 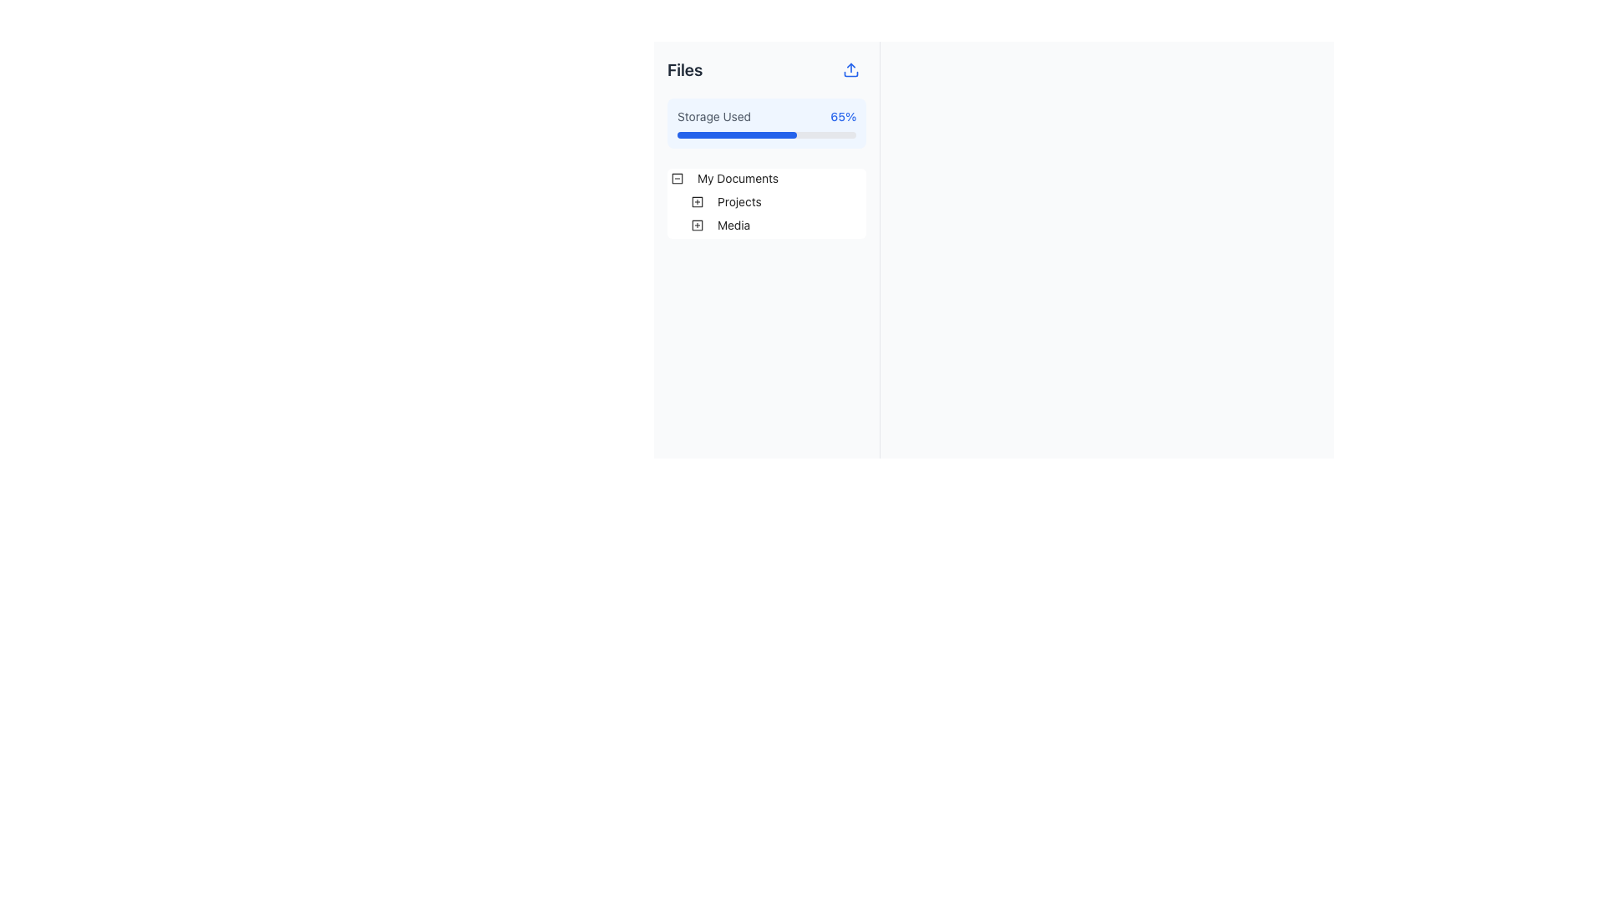 I want to click on the first Tree item representing a folder in the left-side panel, so click(x=726, y=178).